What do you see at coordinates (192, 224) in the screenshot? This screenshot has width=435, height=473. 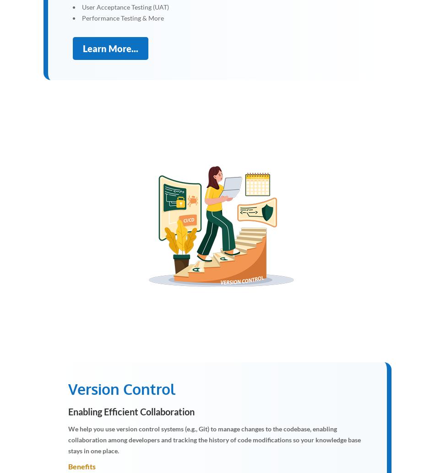 I see `'I'` at bounding box center [192, 224].